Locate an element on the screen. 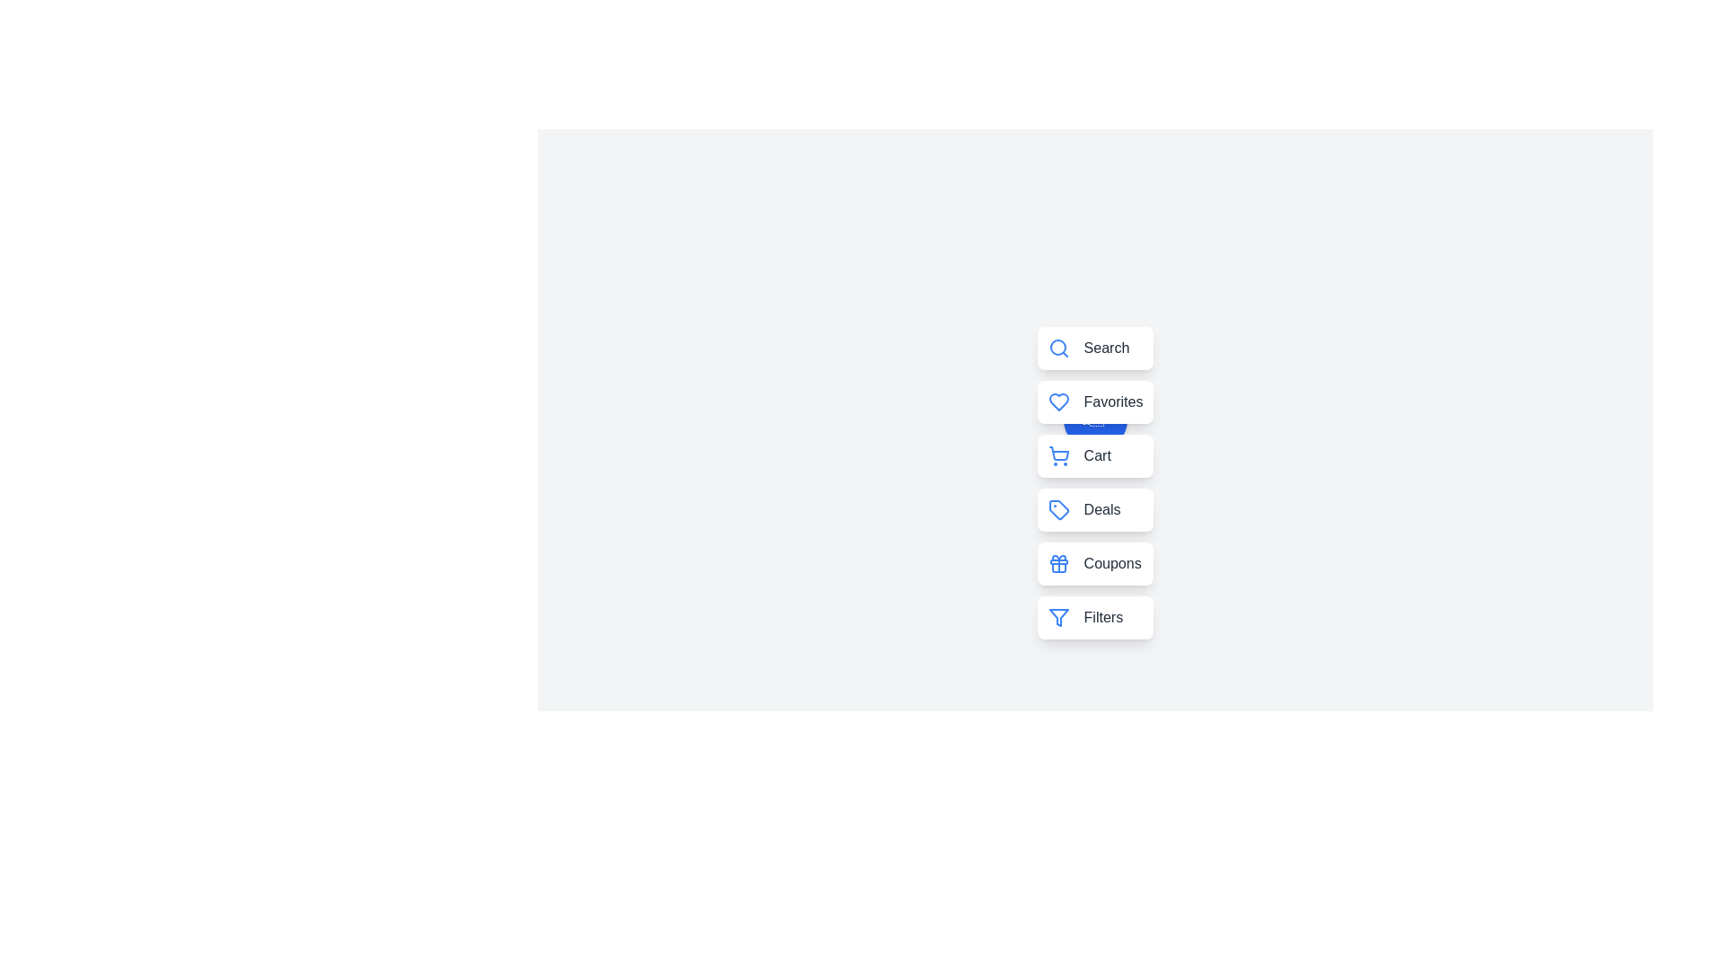  the blue magnifying glass icon located to the left of the 'Search' text to interact with the search functionality is located at coordinates (1058, 348).